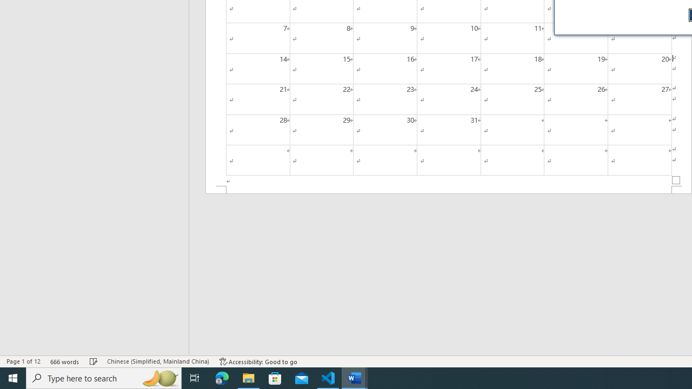 The height and width of the screenshot is (389, 692). I want to click on 'Footer -Section 1-', so click(449, 189).